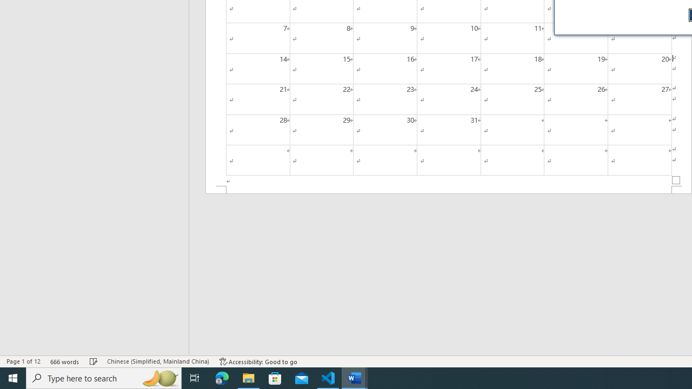 The height and width of the screenshot is (389, 692). I want to click on 'Footer -Section 1-', so click(449, 189).